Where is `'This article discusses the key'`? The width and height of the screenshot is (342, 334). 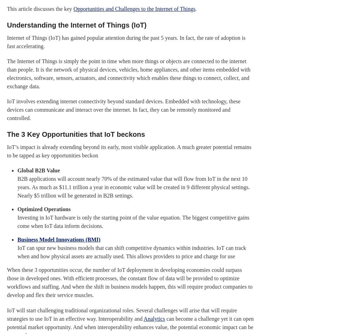 'This article discusses the key' is located at coordinates (40, 8).